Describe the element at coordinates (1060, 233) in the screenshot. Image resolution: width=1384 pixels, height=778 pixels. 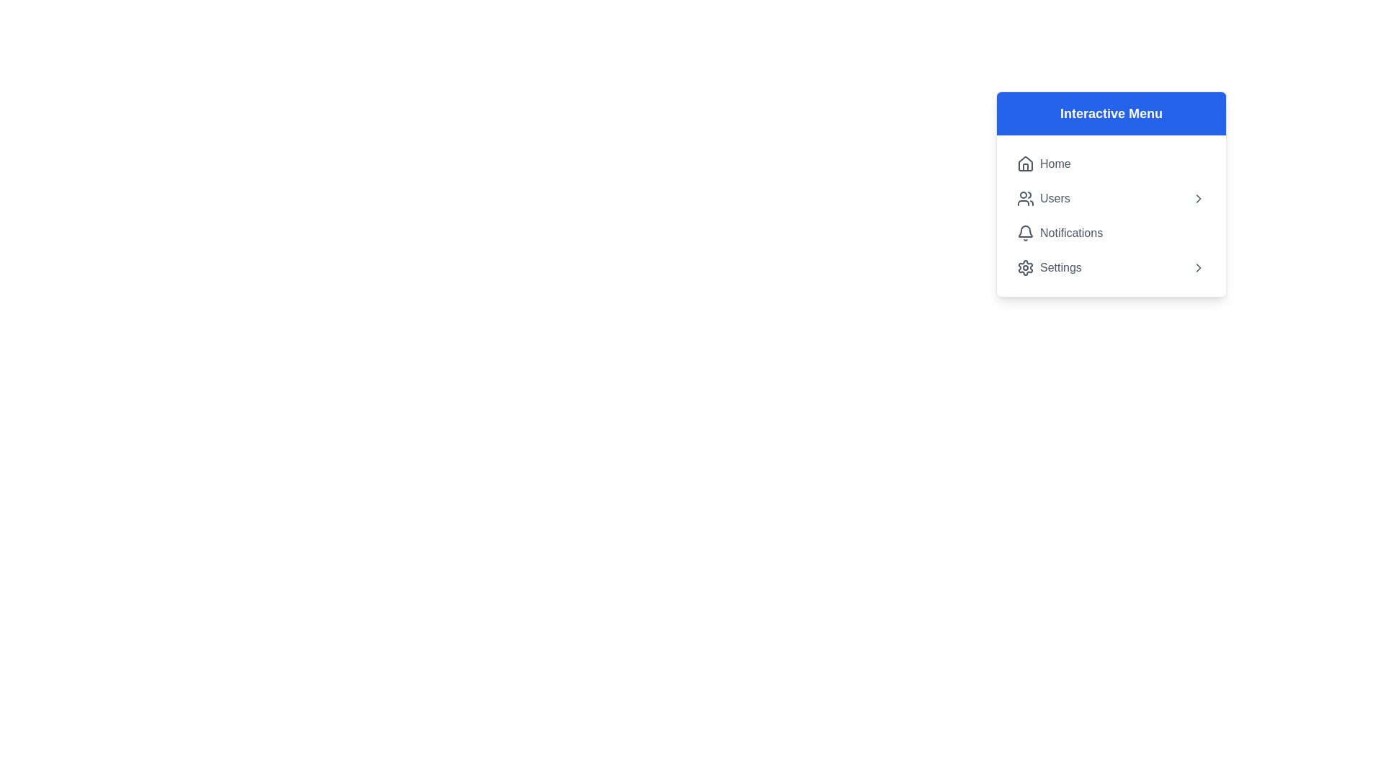
I see `the 'Notifications' menu list item, which is located between the 'Users' and 'Settings' list items in the sidebar menu` at that location.